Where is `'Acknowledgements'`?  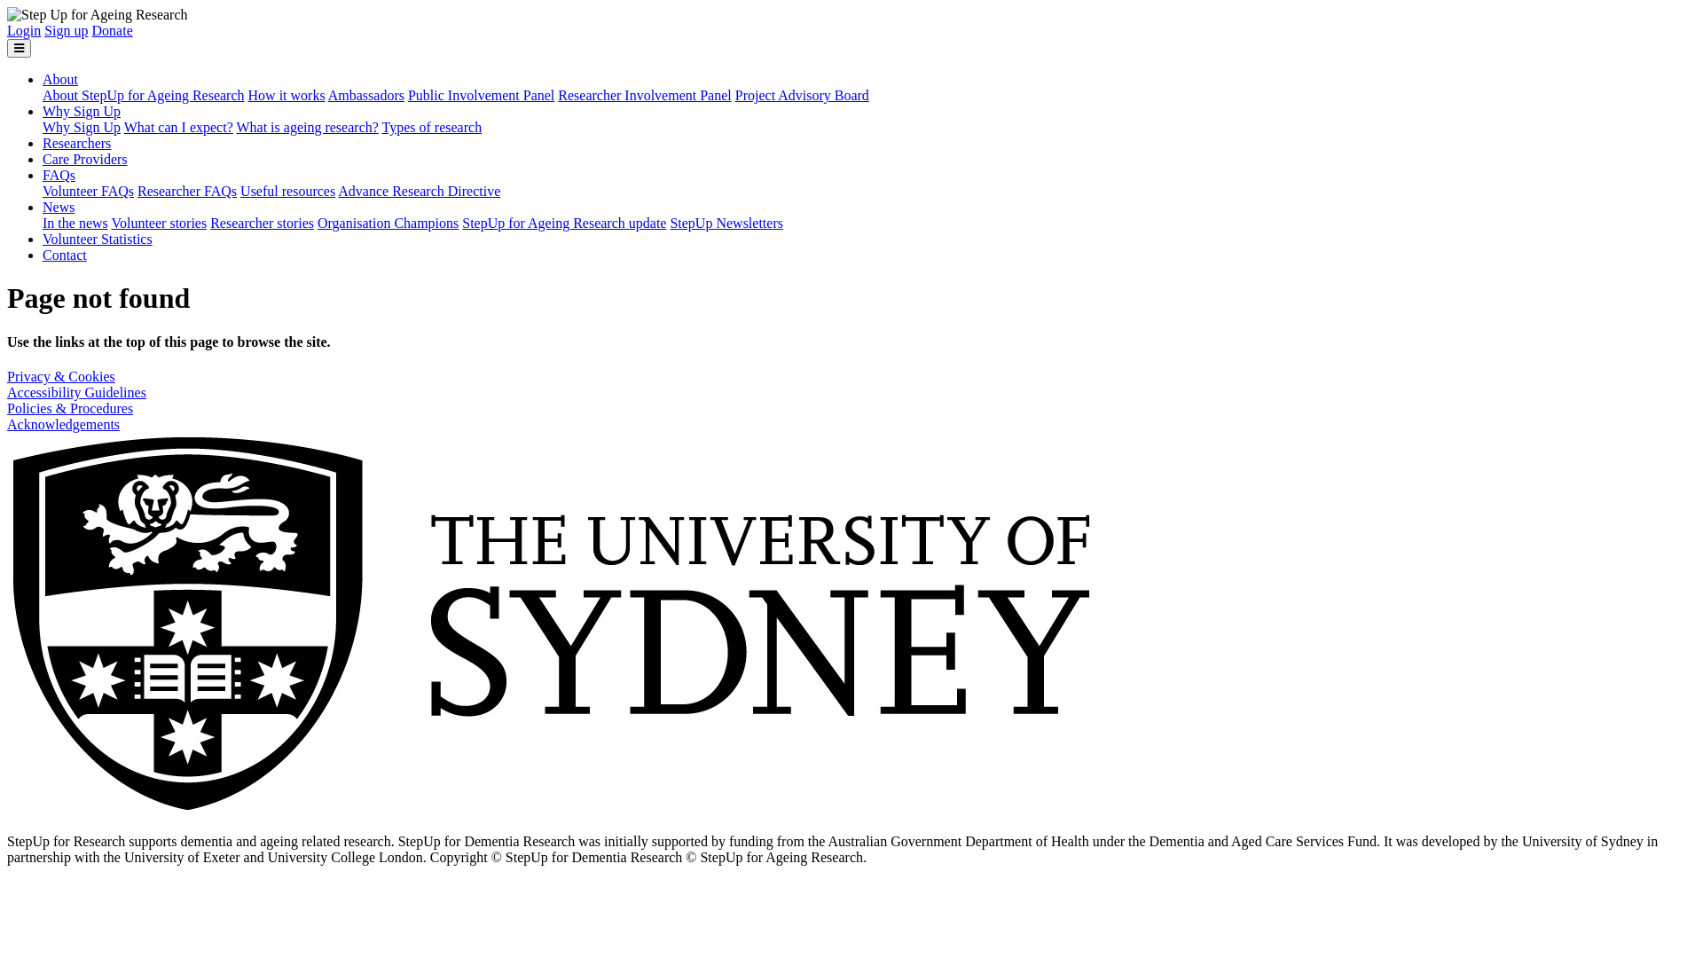 'Acknowledgements' is located at coordinates (63, 424).